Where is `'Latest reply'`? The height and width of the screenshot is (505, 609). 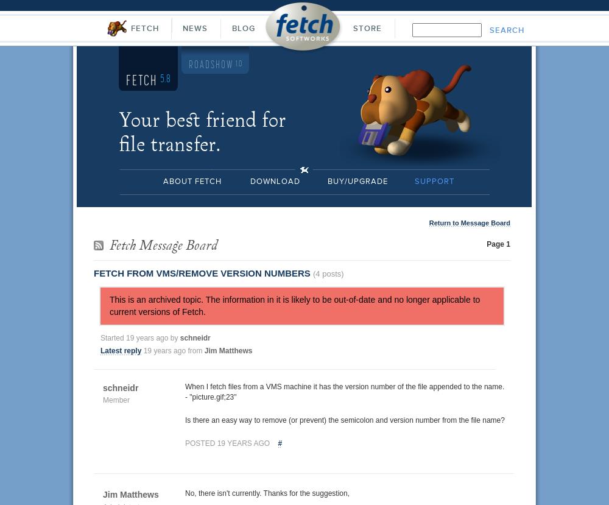
'Latest reply' is located at coordinates (120, 349).